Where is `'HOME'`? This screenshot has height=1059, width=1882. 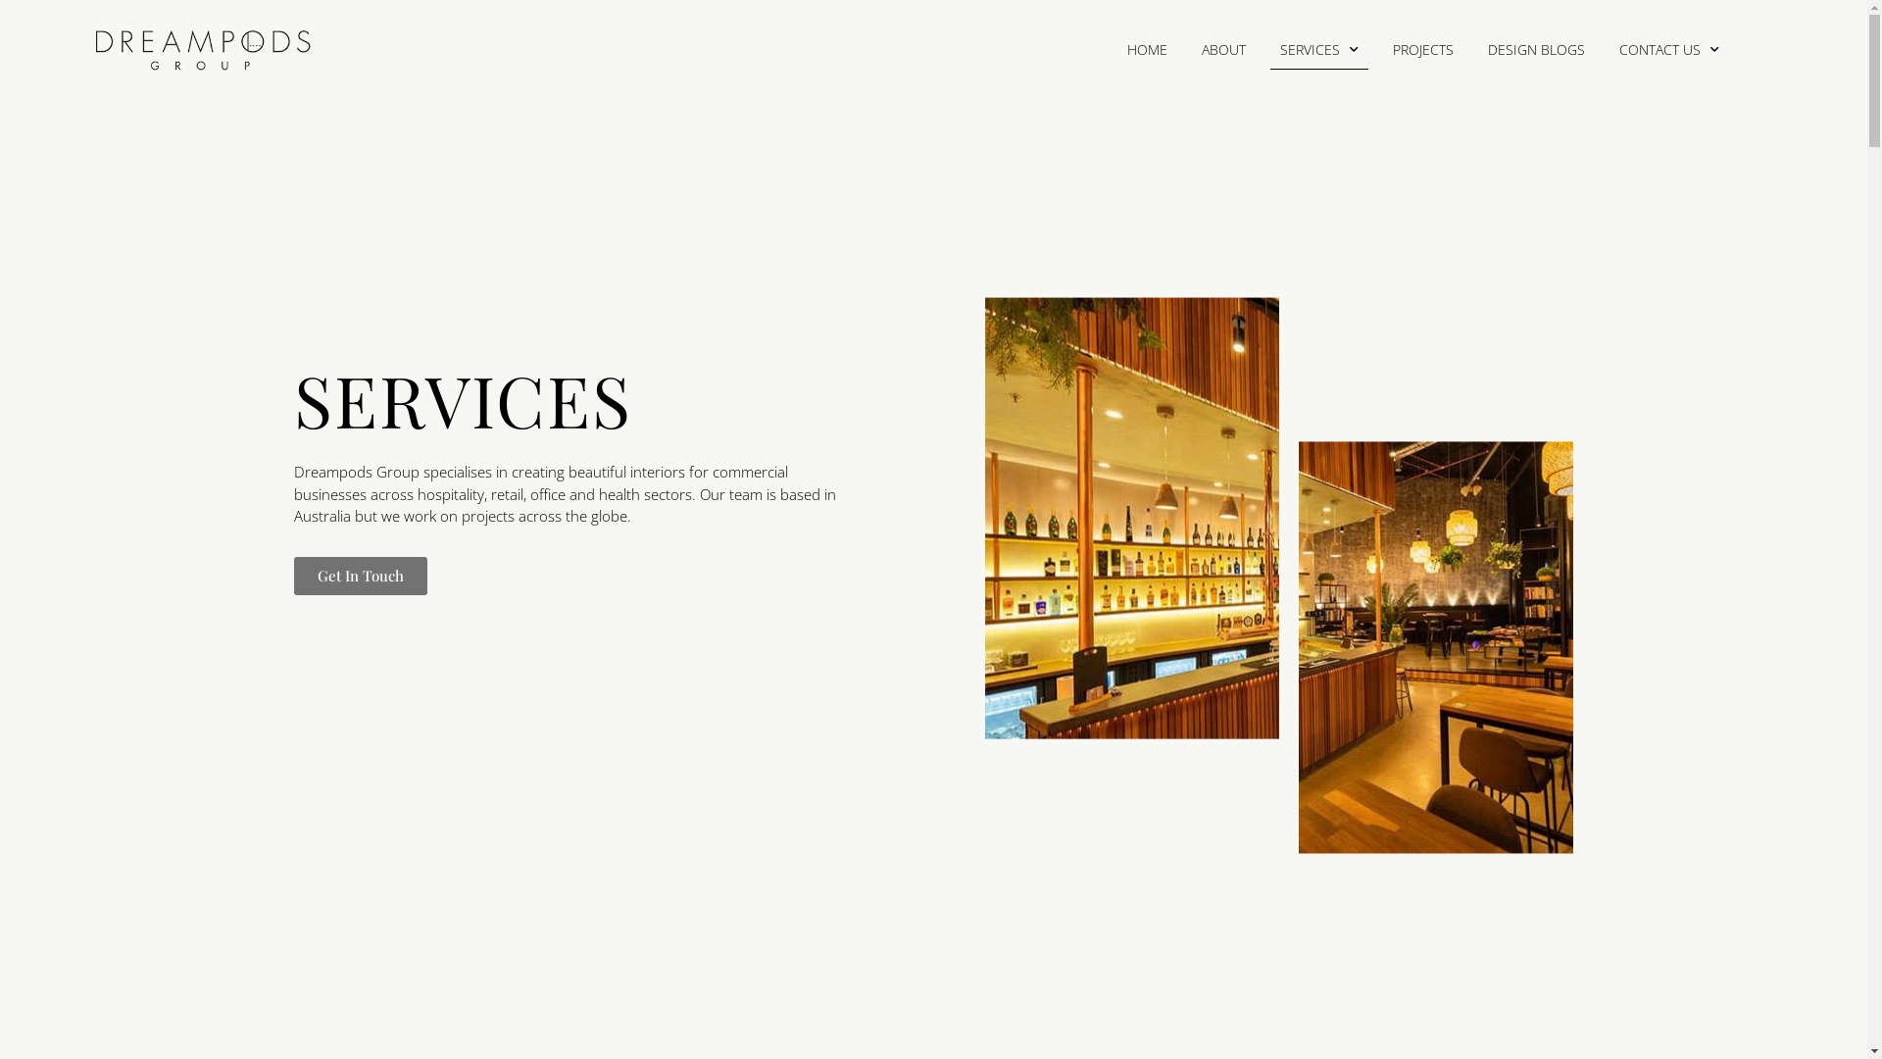 'HOME' is located at coordinates (1147, 48).